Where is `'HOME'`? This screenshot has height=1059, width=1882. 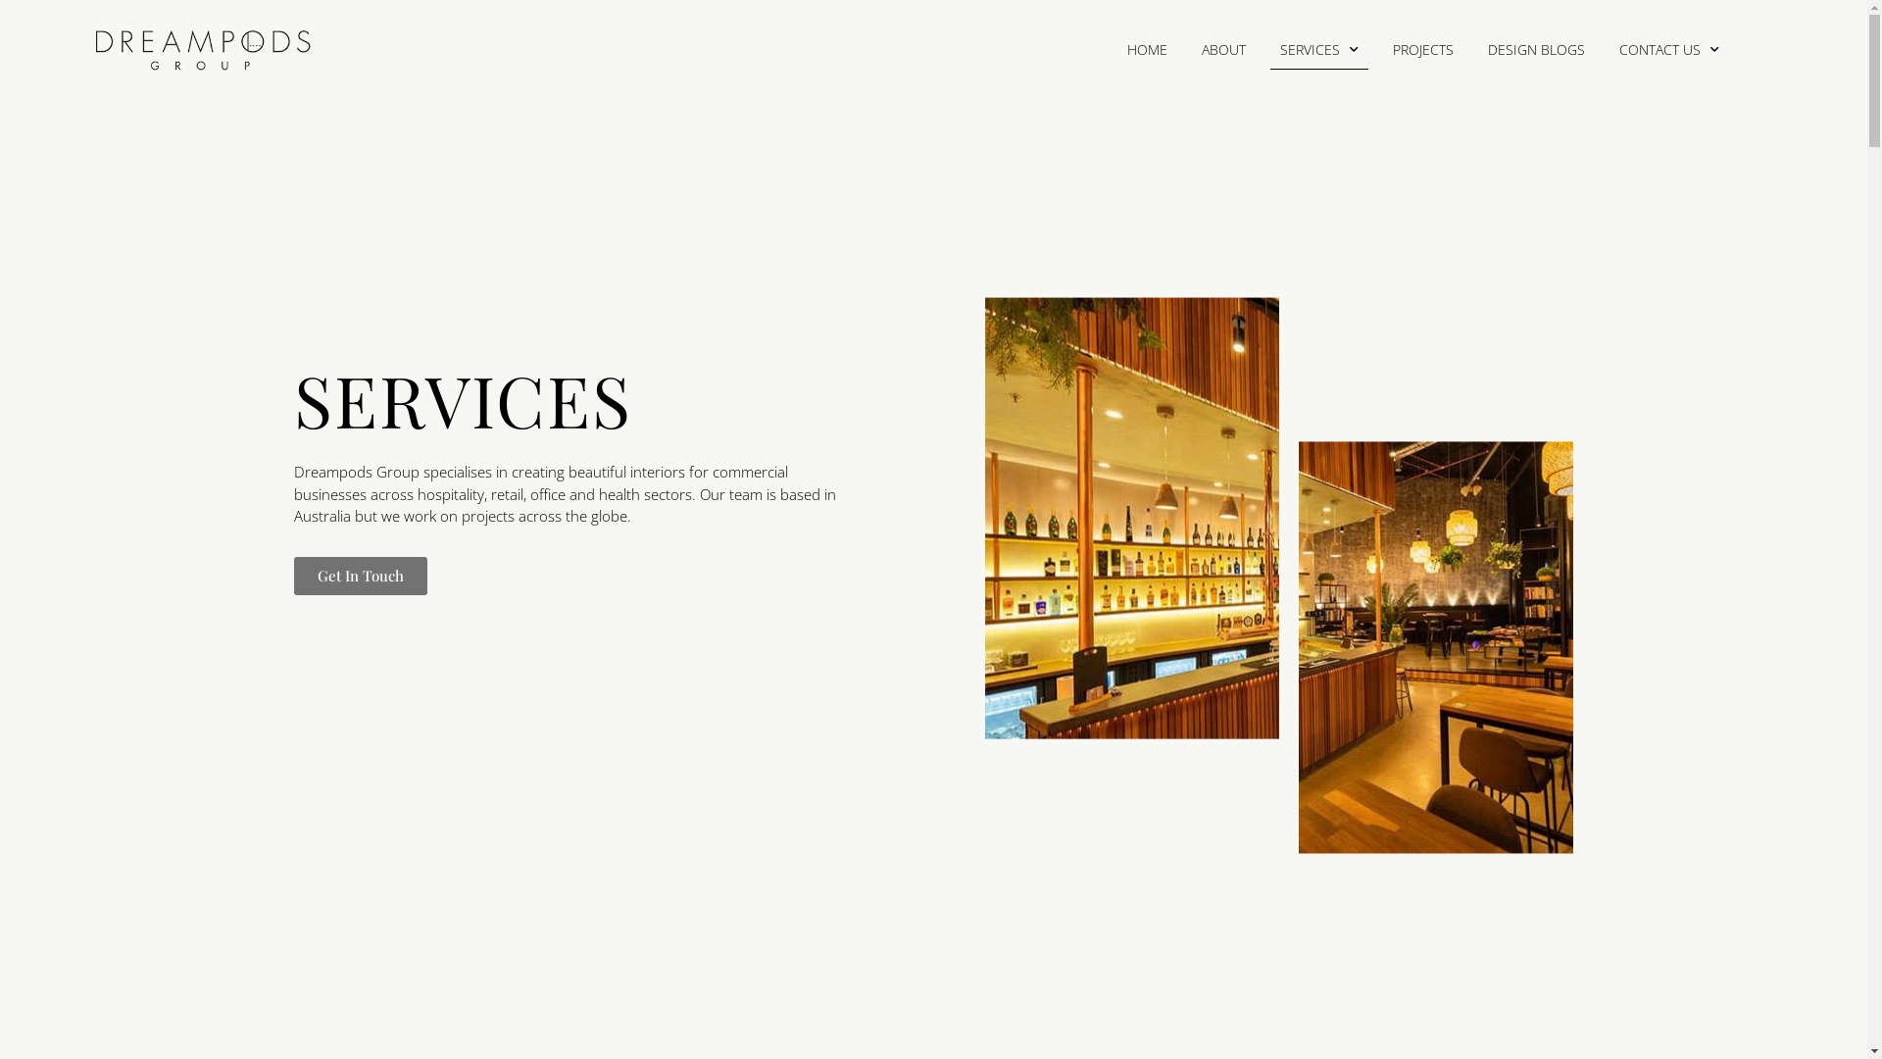 'HOME' is located at coordinates (1147, 48).